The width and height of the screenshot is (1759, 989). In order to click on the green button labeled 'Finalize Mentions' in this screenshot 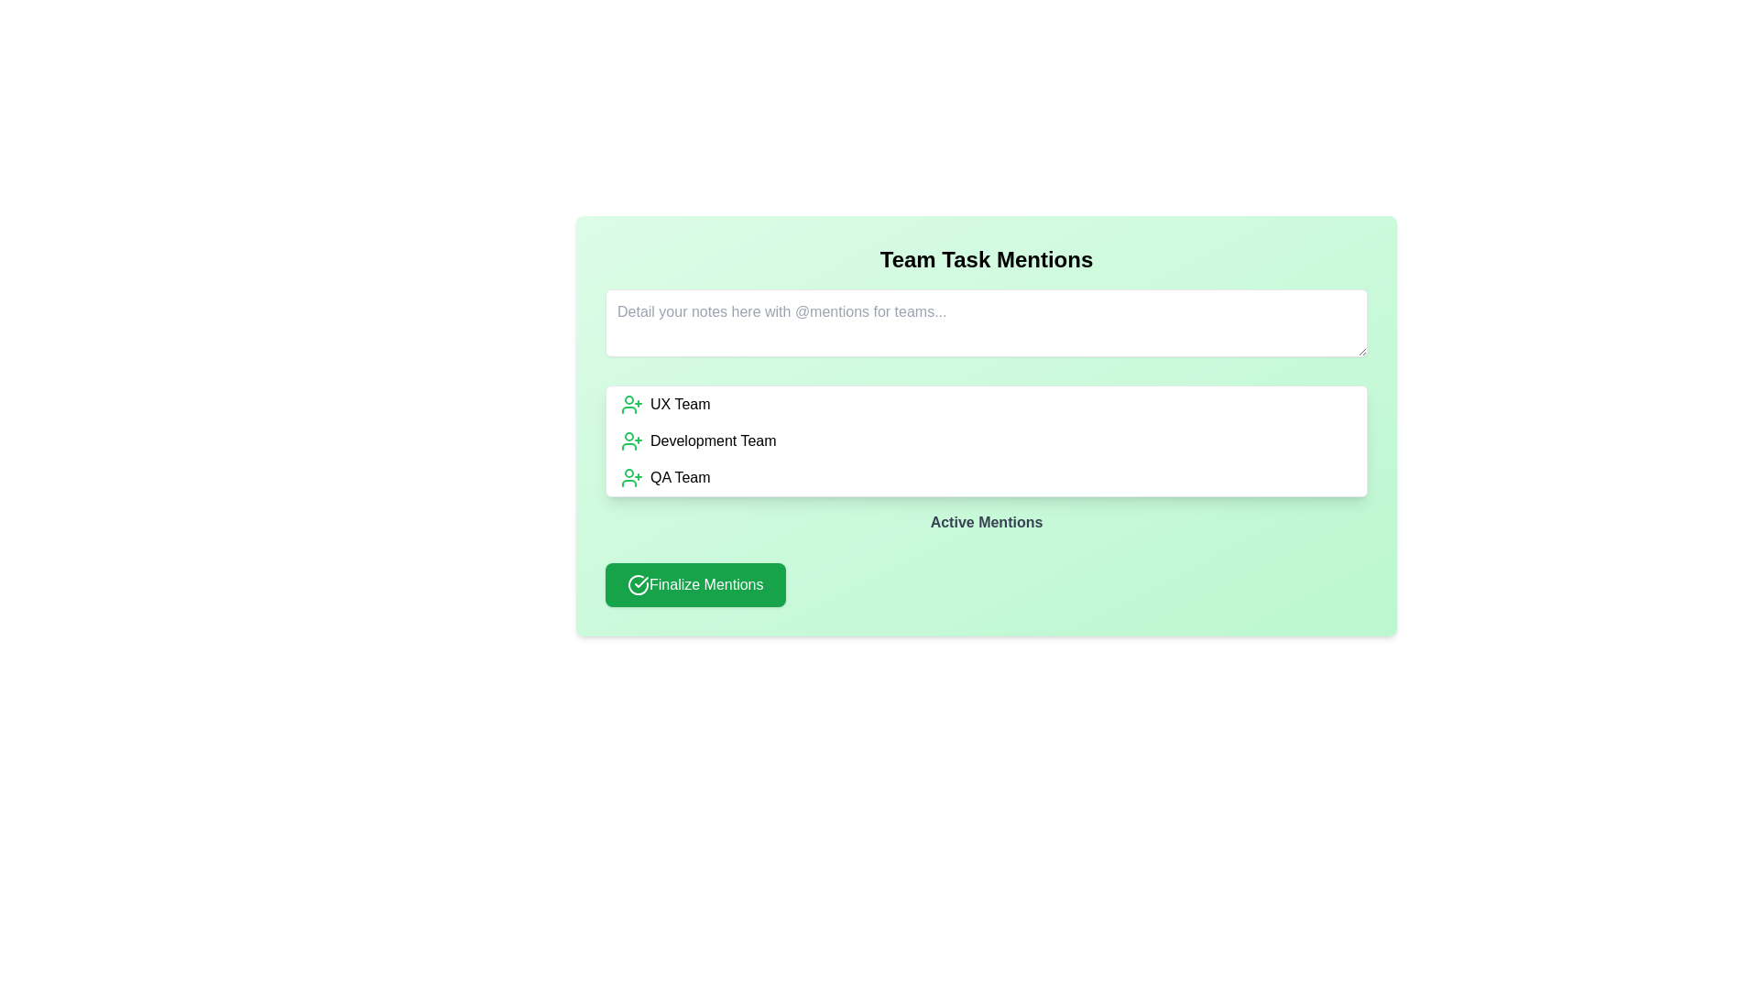, I will do `click(694, 585)`.